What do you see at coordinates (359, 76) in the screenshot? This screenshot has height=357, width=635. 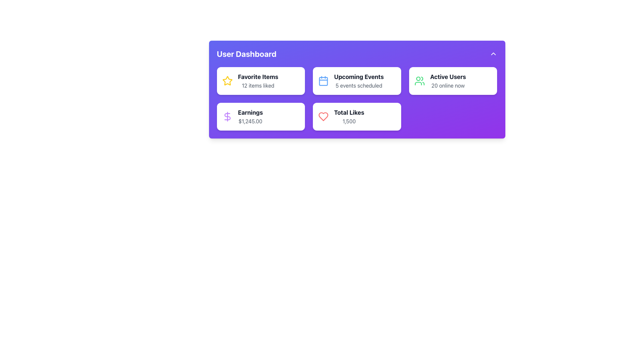 I see `the 'Upcoming Events' text label, which is styled in bold and larger font size, located in the top row of the grid layout in the User Dashboard` at bounding box center [359, 76].